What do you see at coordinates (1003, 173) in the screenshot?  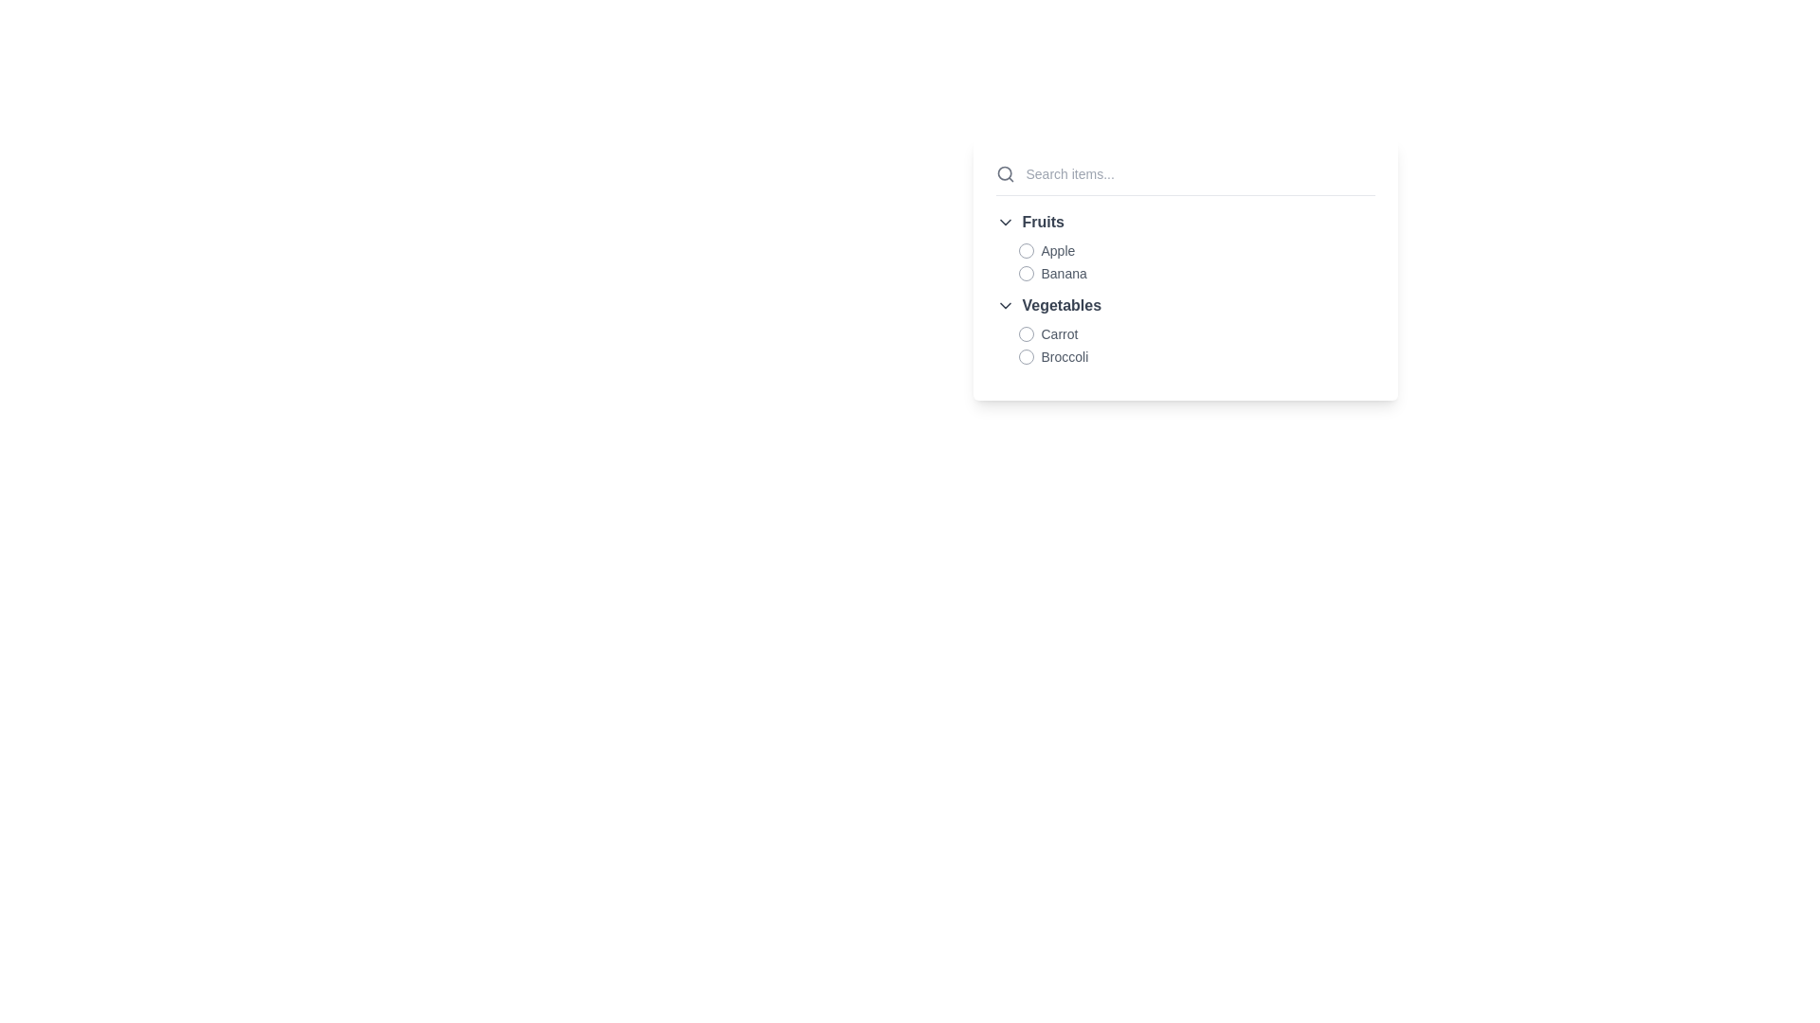 I see `the Circle graphic, which is part of the search functionality's decorative elements located in the top-left corner of the dropdown menu pane` at bounding box center [1003, 173].